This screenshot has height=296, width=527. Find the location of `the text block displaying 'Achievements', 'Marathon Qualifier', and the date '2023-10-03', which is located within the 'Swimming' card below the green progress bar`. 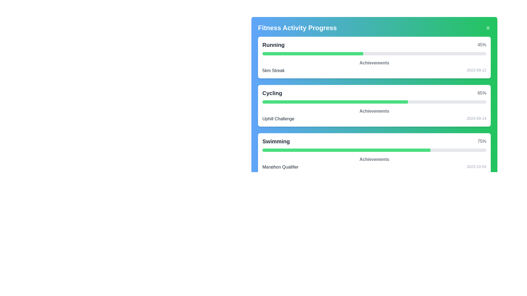

the text block displaying 'Achievements', 'Marathon Qualifier', and the date '2023-10-03', which is located within the 'Swimming' card below the green progress bar is located at coordinates (374, 163).